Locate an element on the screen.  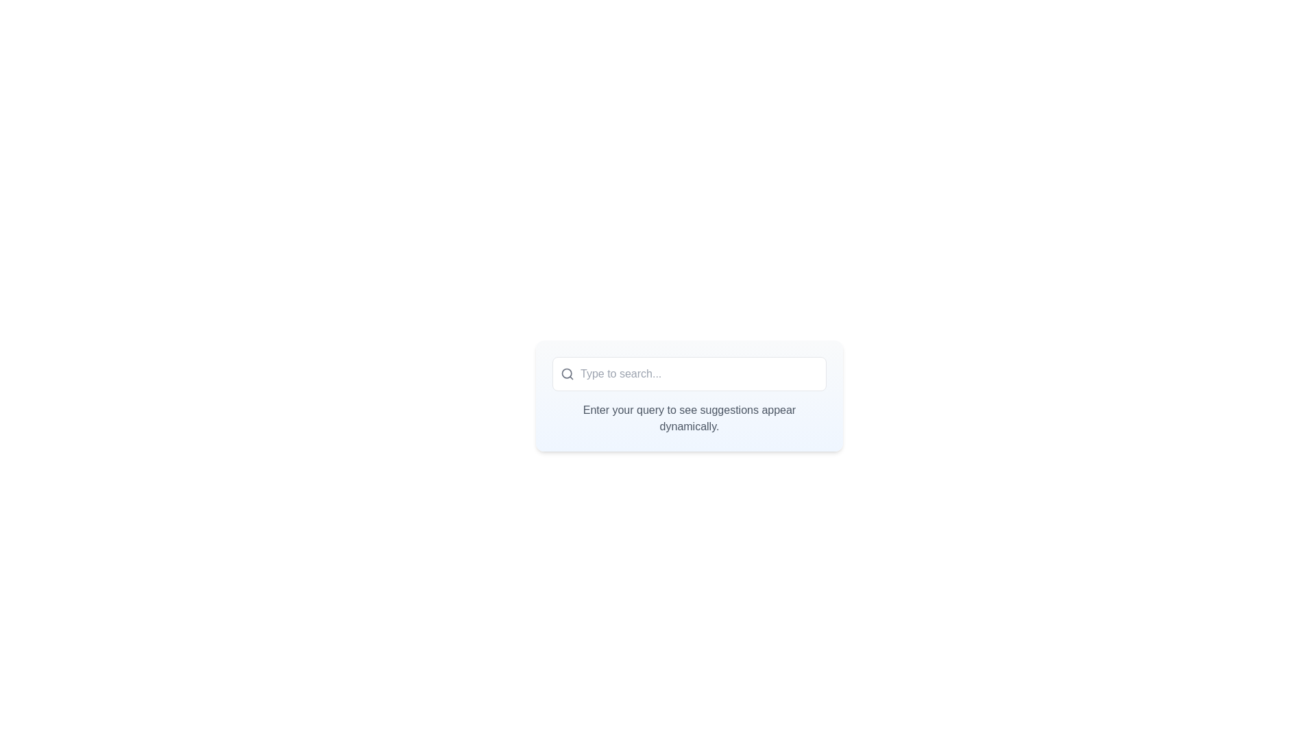
the search functionality icon located on the left side of the search bar is located at coordinates (568, 374).